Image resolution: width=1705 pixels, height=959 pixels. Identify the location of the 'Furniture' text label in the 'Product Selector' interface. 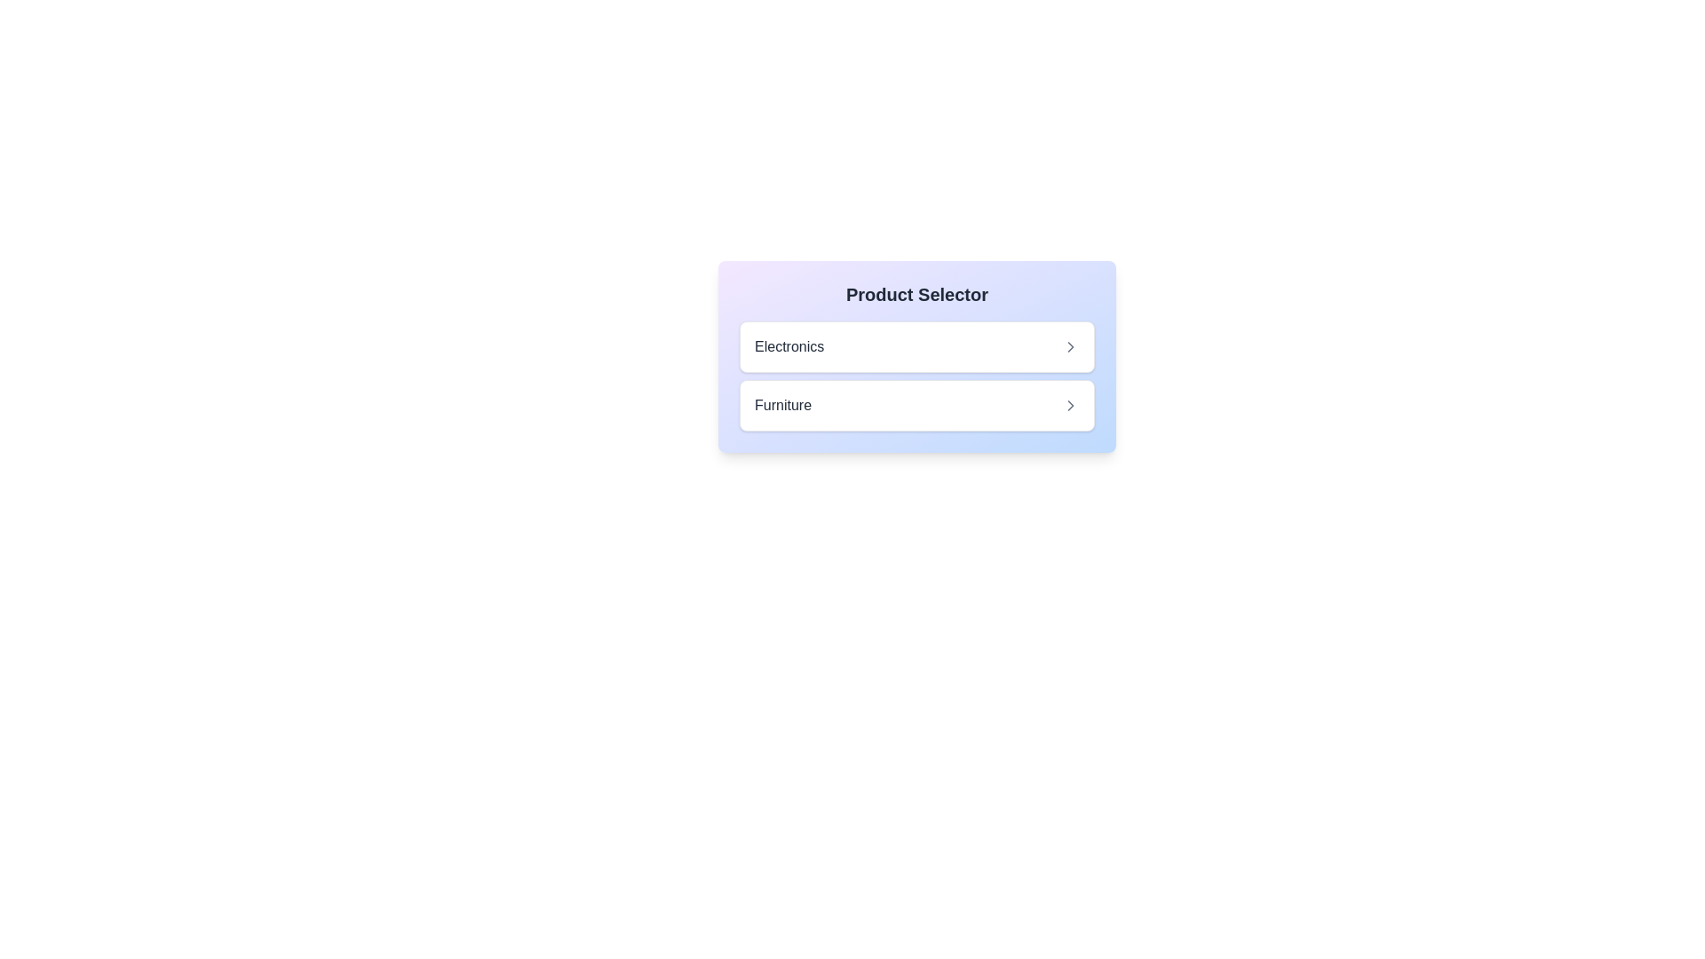
(782, 405).